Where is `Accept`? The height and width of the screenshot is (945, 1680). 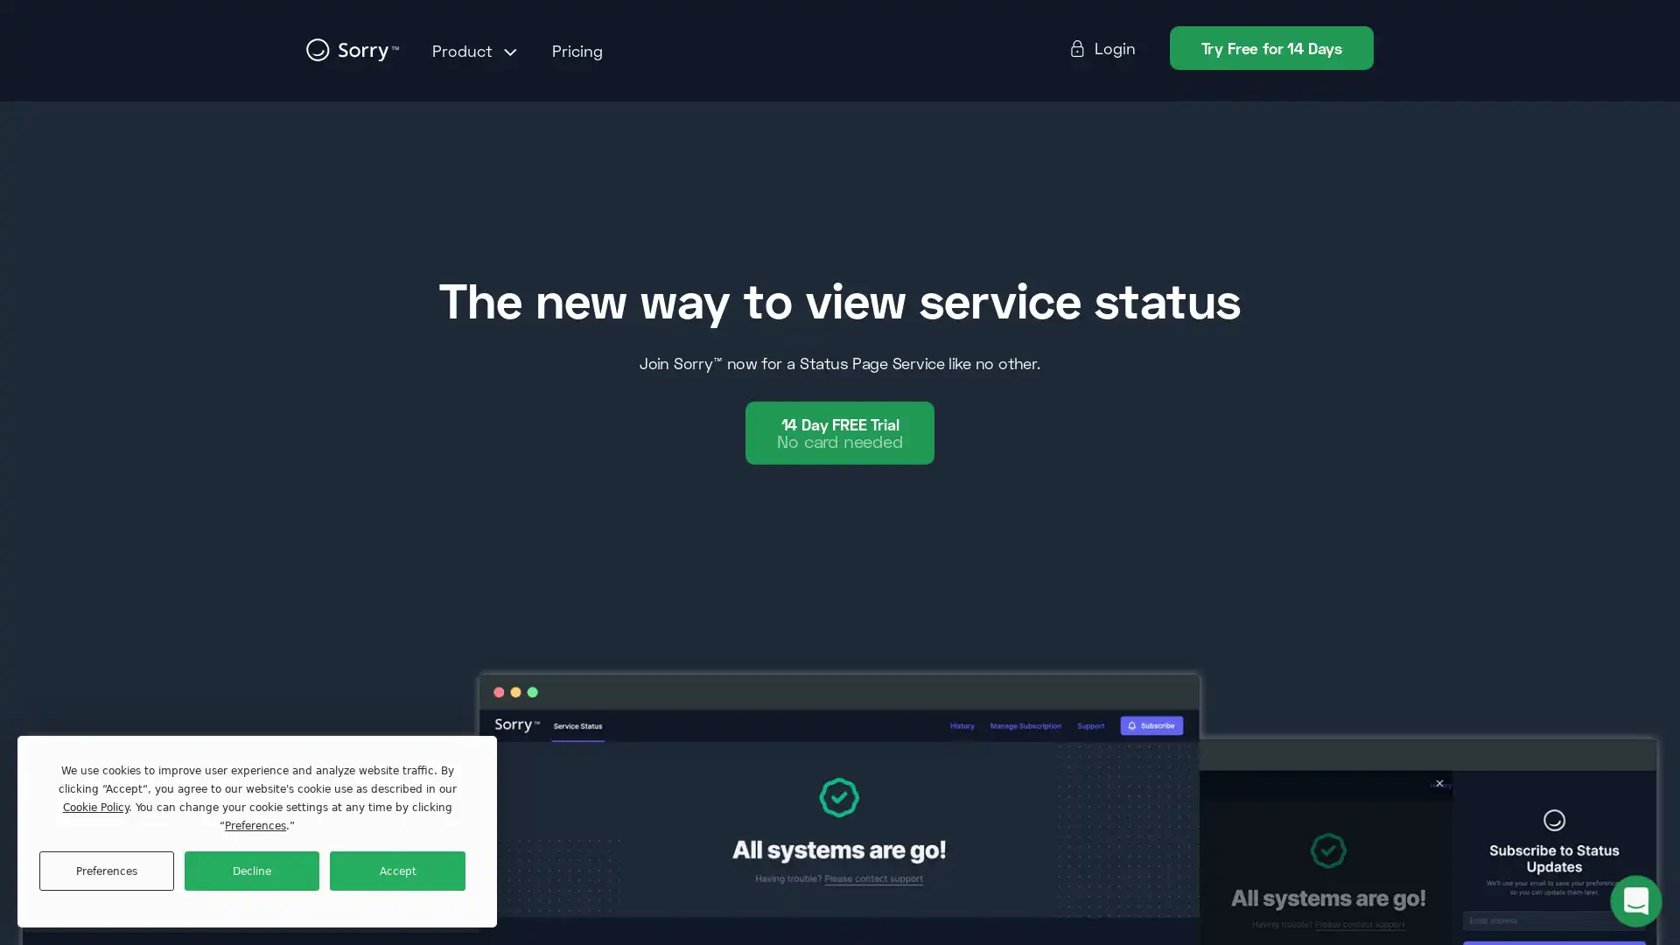
Accept is located at coordinates (396, 871).